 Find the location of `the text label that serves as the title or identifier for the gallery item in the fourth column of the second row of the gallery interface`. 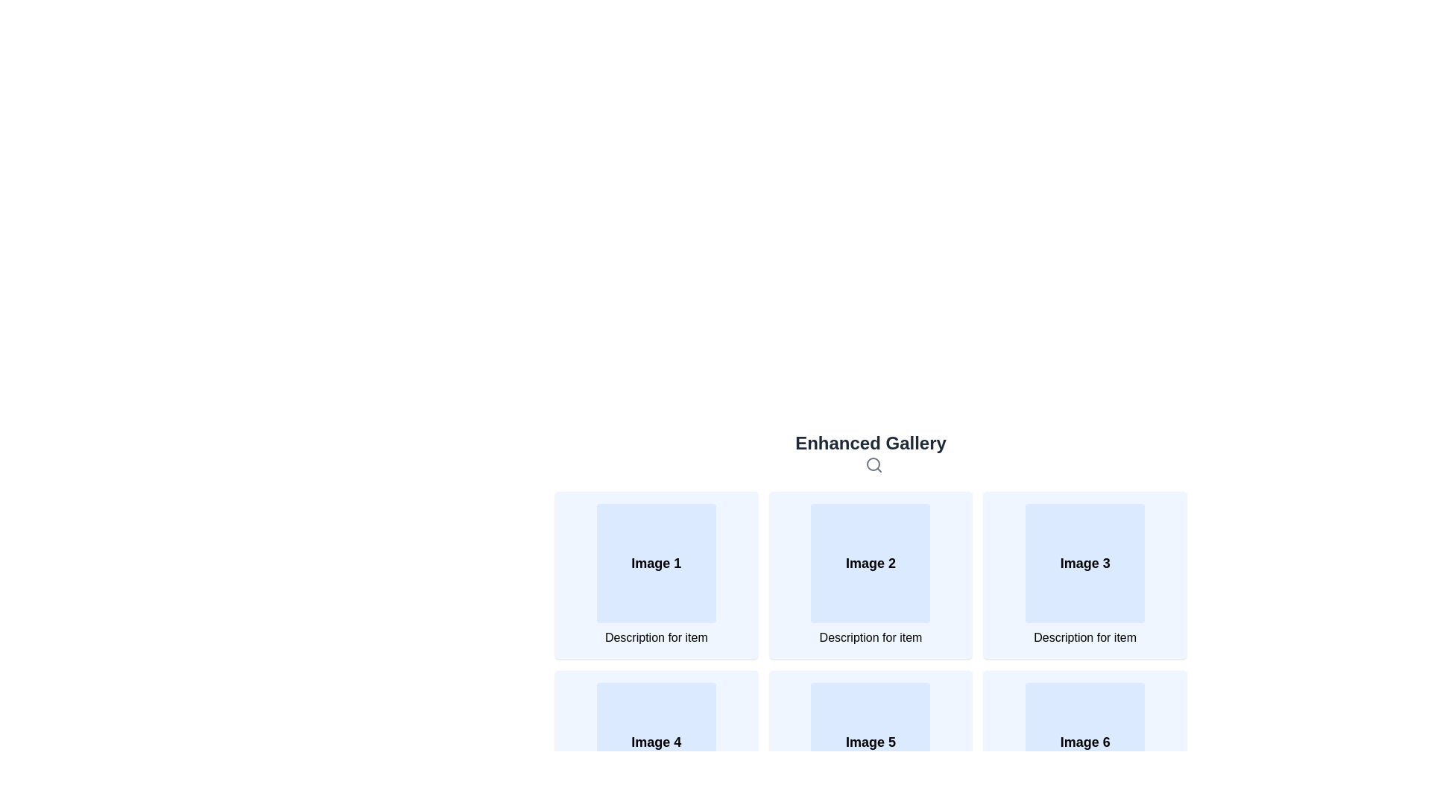

the text label that serves as the title or identifier for the gallery item in the fourth column of the second row of the gallery interface is located at coordinates (1085, 742).